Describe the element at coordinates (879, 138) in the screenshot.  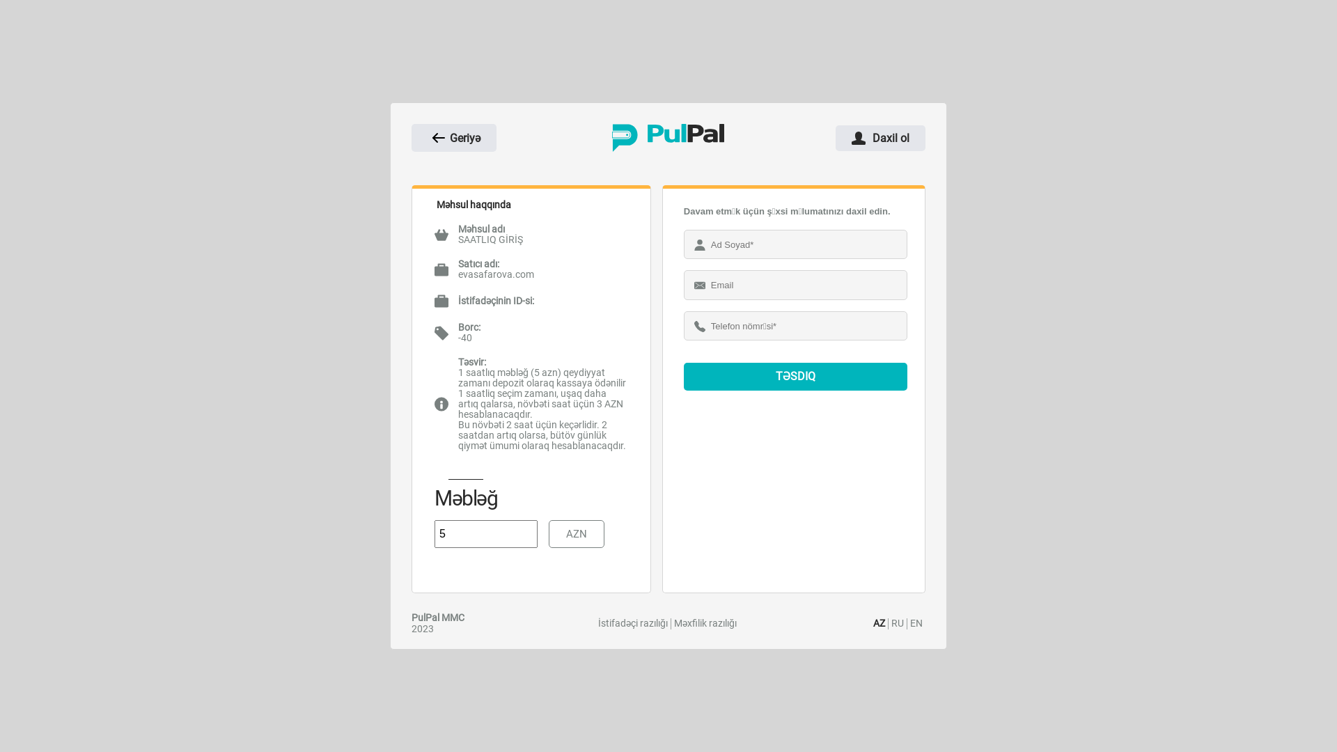
I see `'Daxil ol'` at that location.